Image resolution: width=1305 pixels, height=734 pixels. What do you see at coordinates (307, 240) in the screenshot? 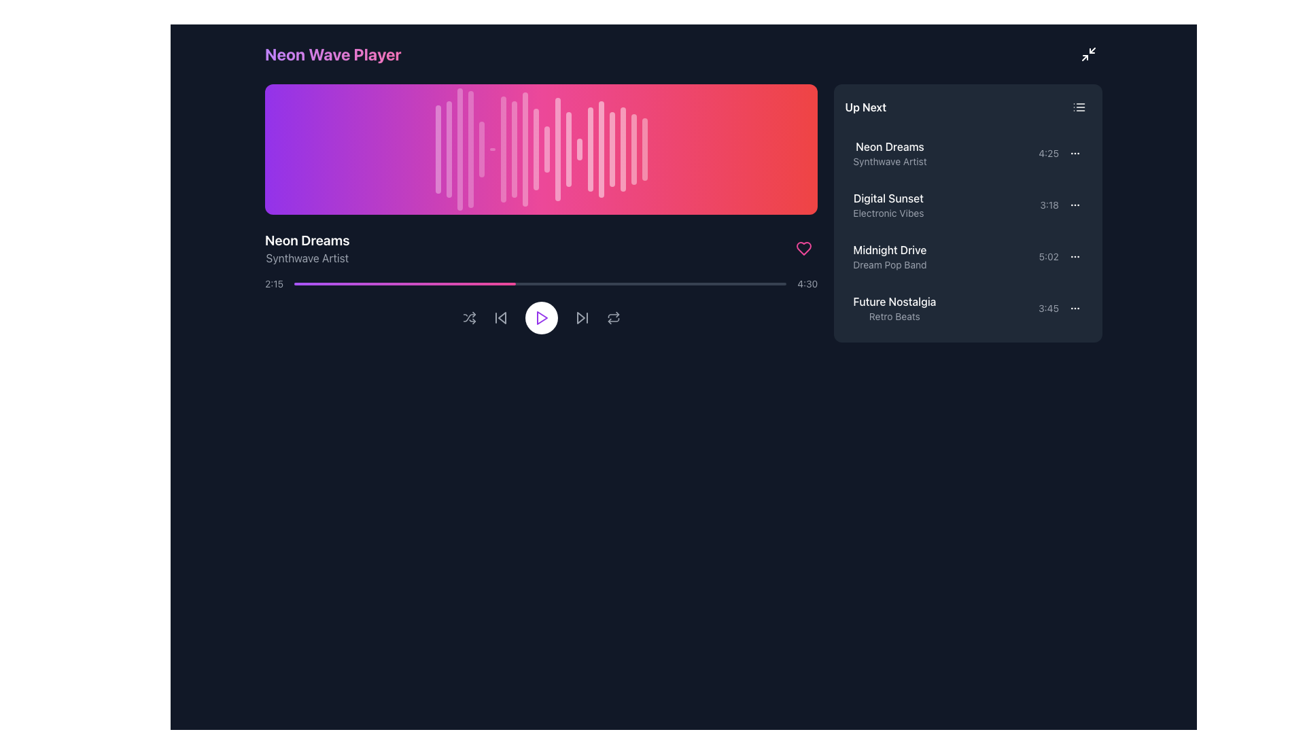
I see `the text label displaying 'Neon Dreams' in bold, larger white font against a dark background, located in the left-central portion of the interface` at bounding box center [307, 240].